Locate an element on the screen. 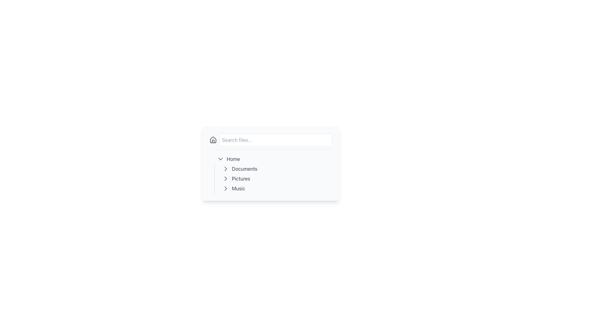  the right-pointing chevron icon in gray next to the 'Documents' text in the vertical menu is located at coordinates (225, 169).